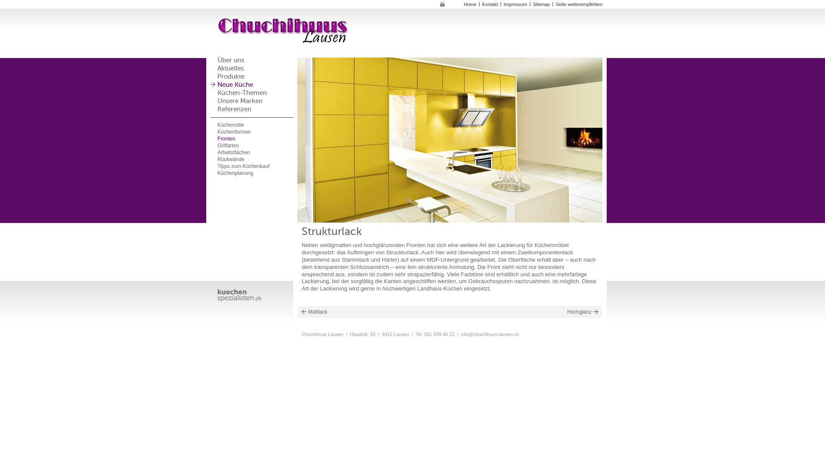 Image resolution: width=825 pixels, height=464 pixels. I want to click on 'Kontakt', so click(490, 4).